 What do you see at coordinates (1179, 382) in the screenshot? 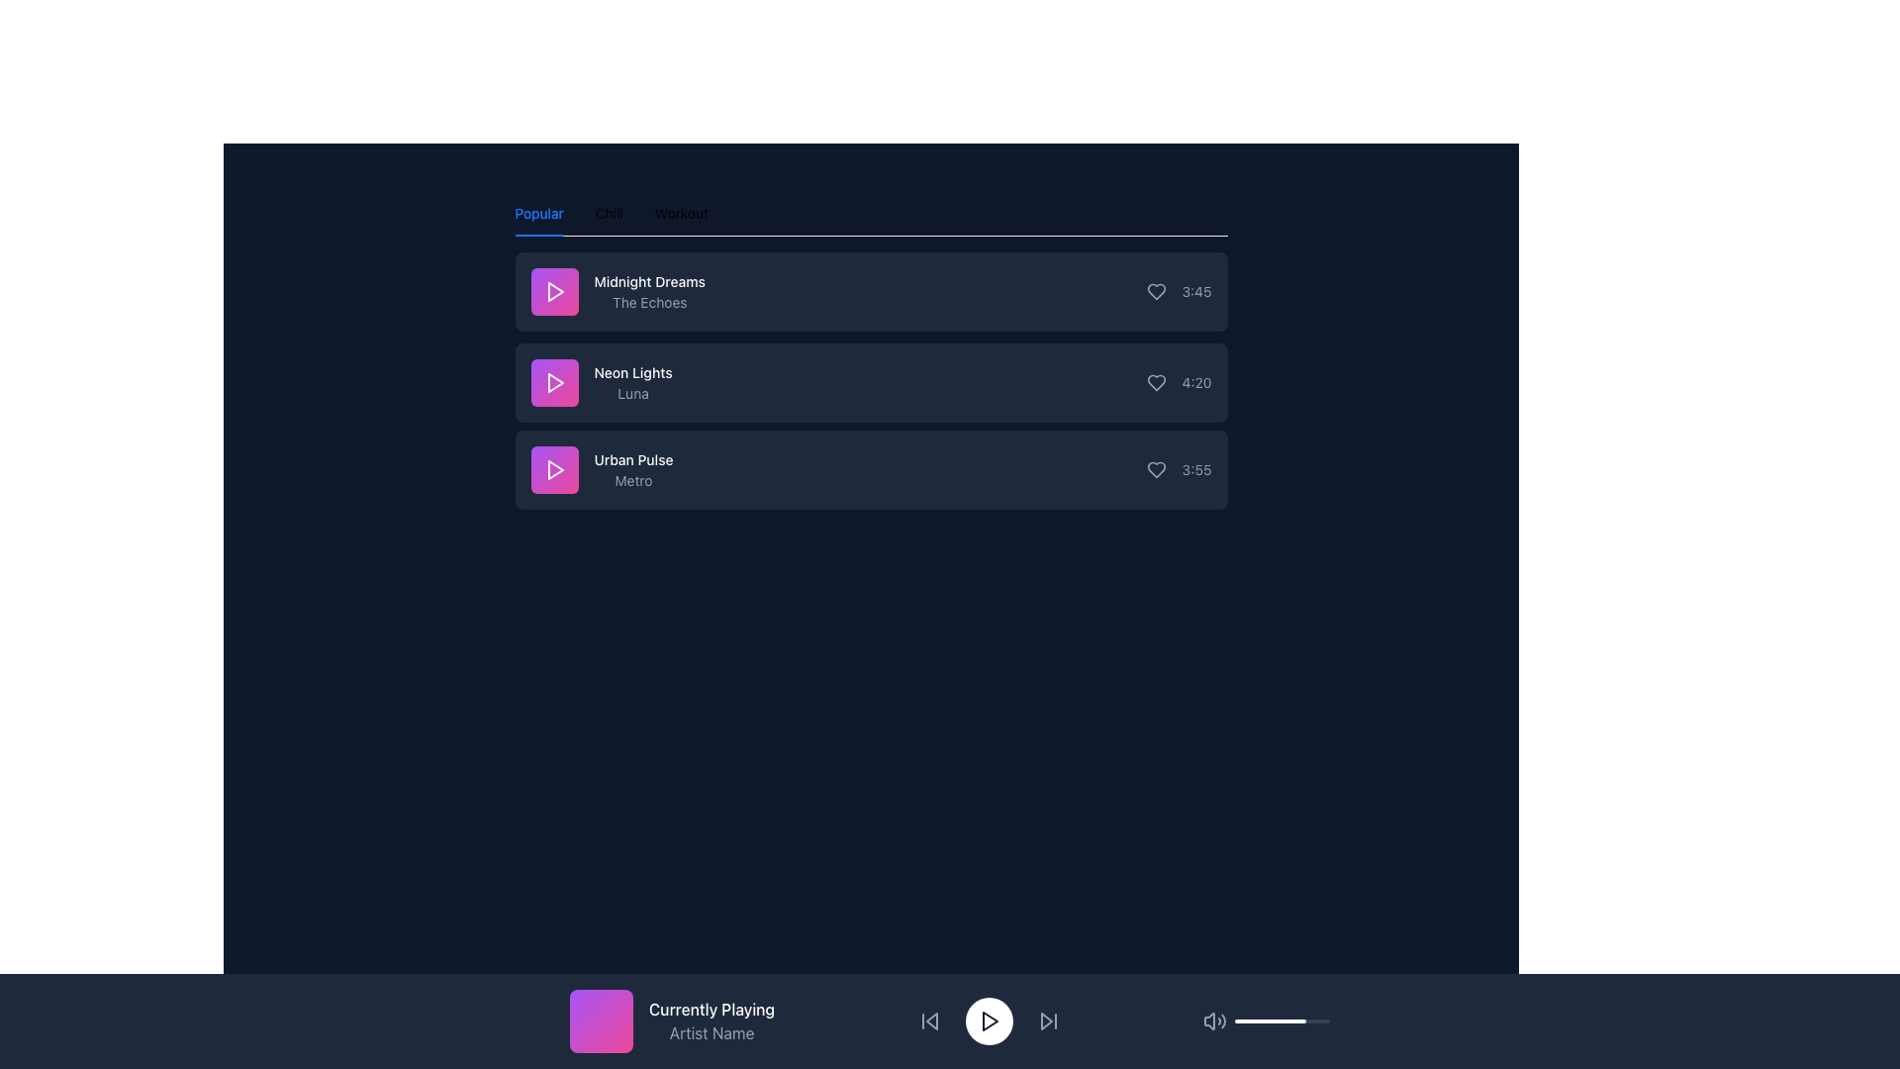
I see `duration displayed in the TextLabel-with-Icon indicating the track 'Neon Lights' by artist 'Luna'` at bounding box center [1179, 382].